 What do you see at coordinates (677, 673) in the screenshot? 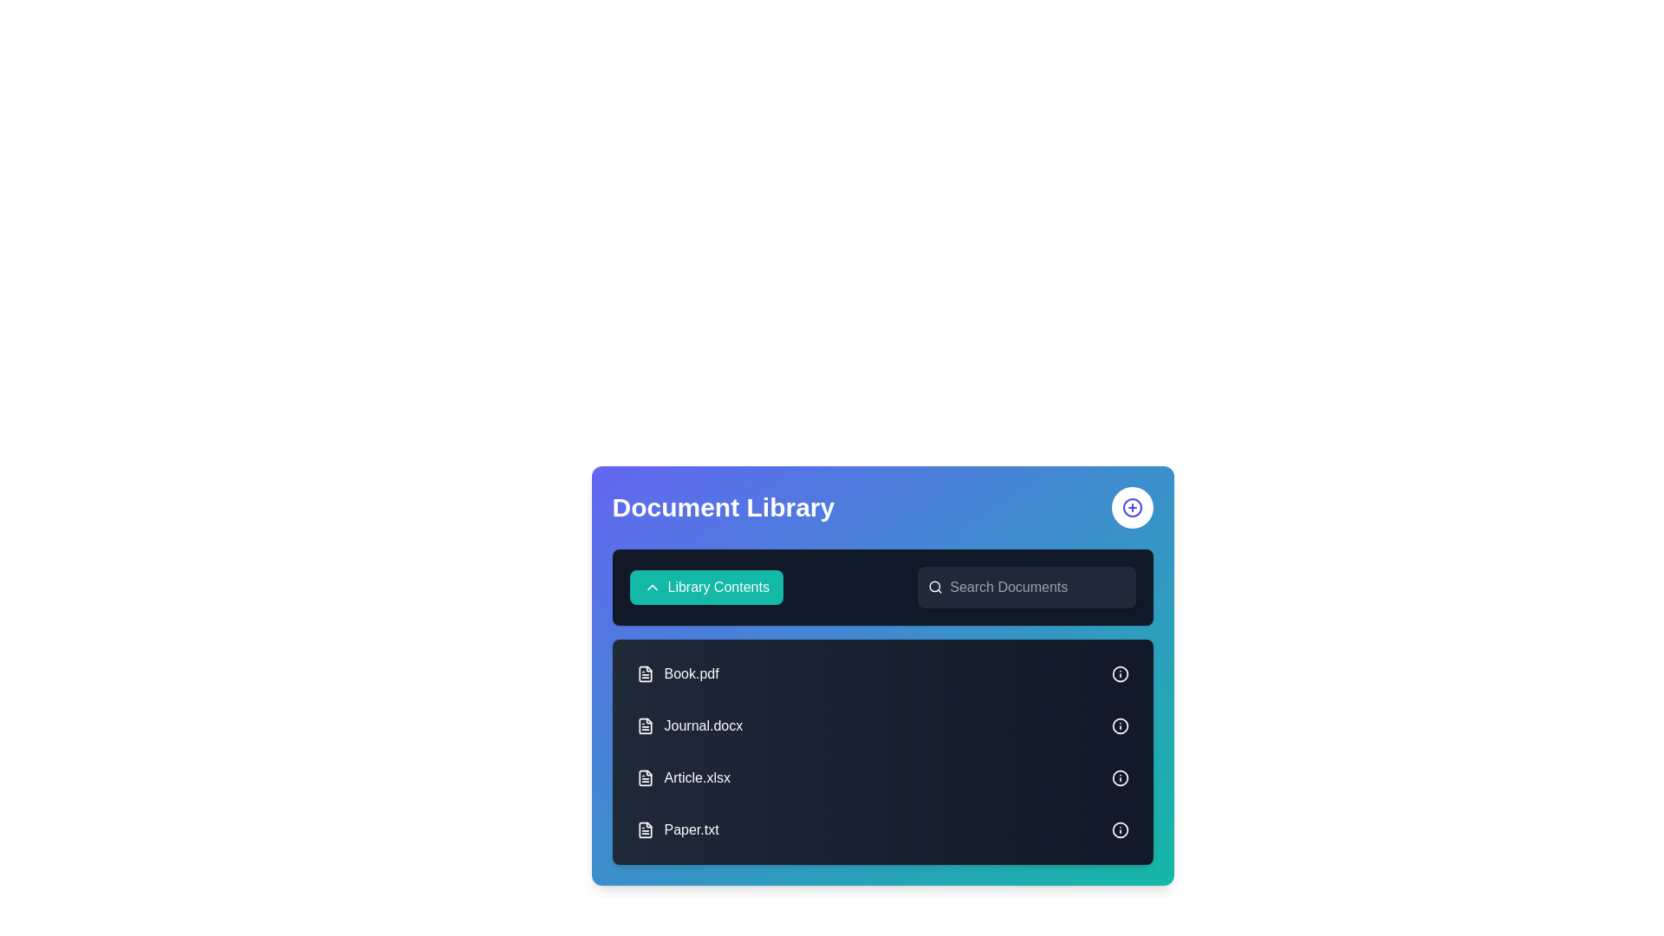
I see `the first file item in the Document Library, which displays a file icon and the text 'Book.pdf'` at bounding box center [677, 673].